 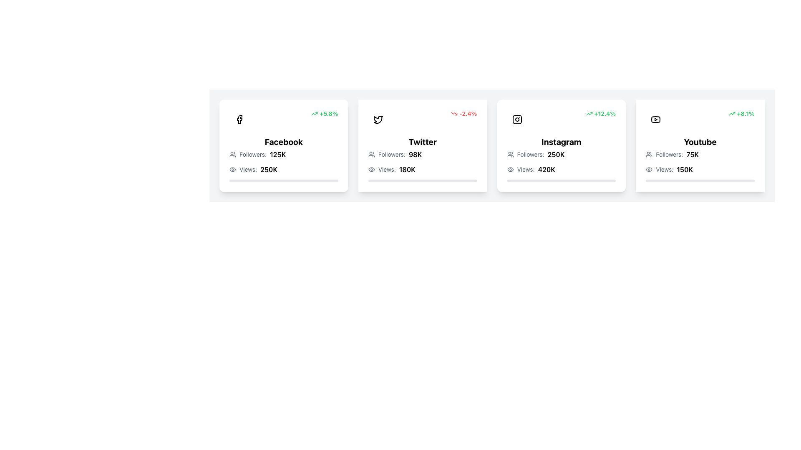 I want to click on the progress bar located at the bottom of the 'Facebook' statistics card, which visually represents the percentage of views, so click(x=284, y=180).